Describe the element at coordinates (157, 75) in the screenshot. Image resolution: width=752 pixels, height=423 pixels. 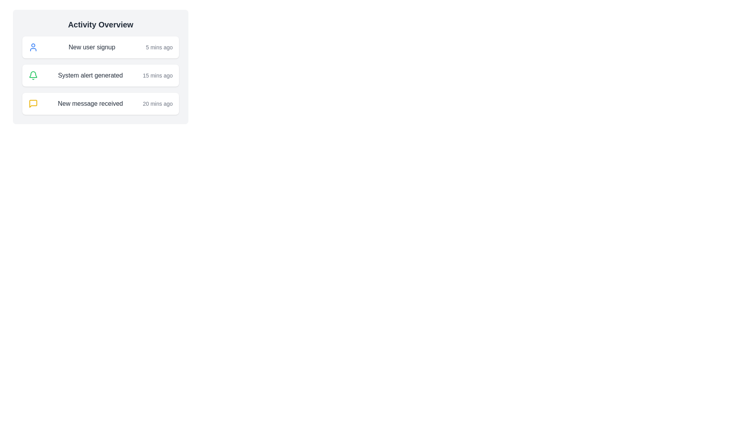
I see `the text label displaying '15 mins ago', which is a light gray timestamp indicating a duration, positioned to the far right of the 'System alert generated' phrase` at that location.